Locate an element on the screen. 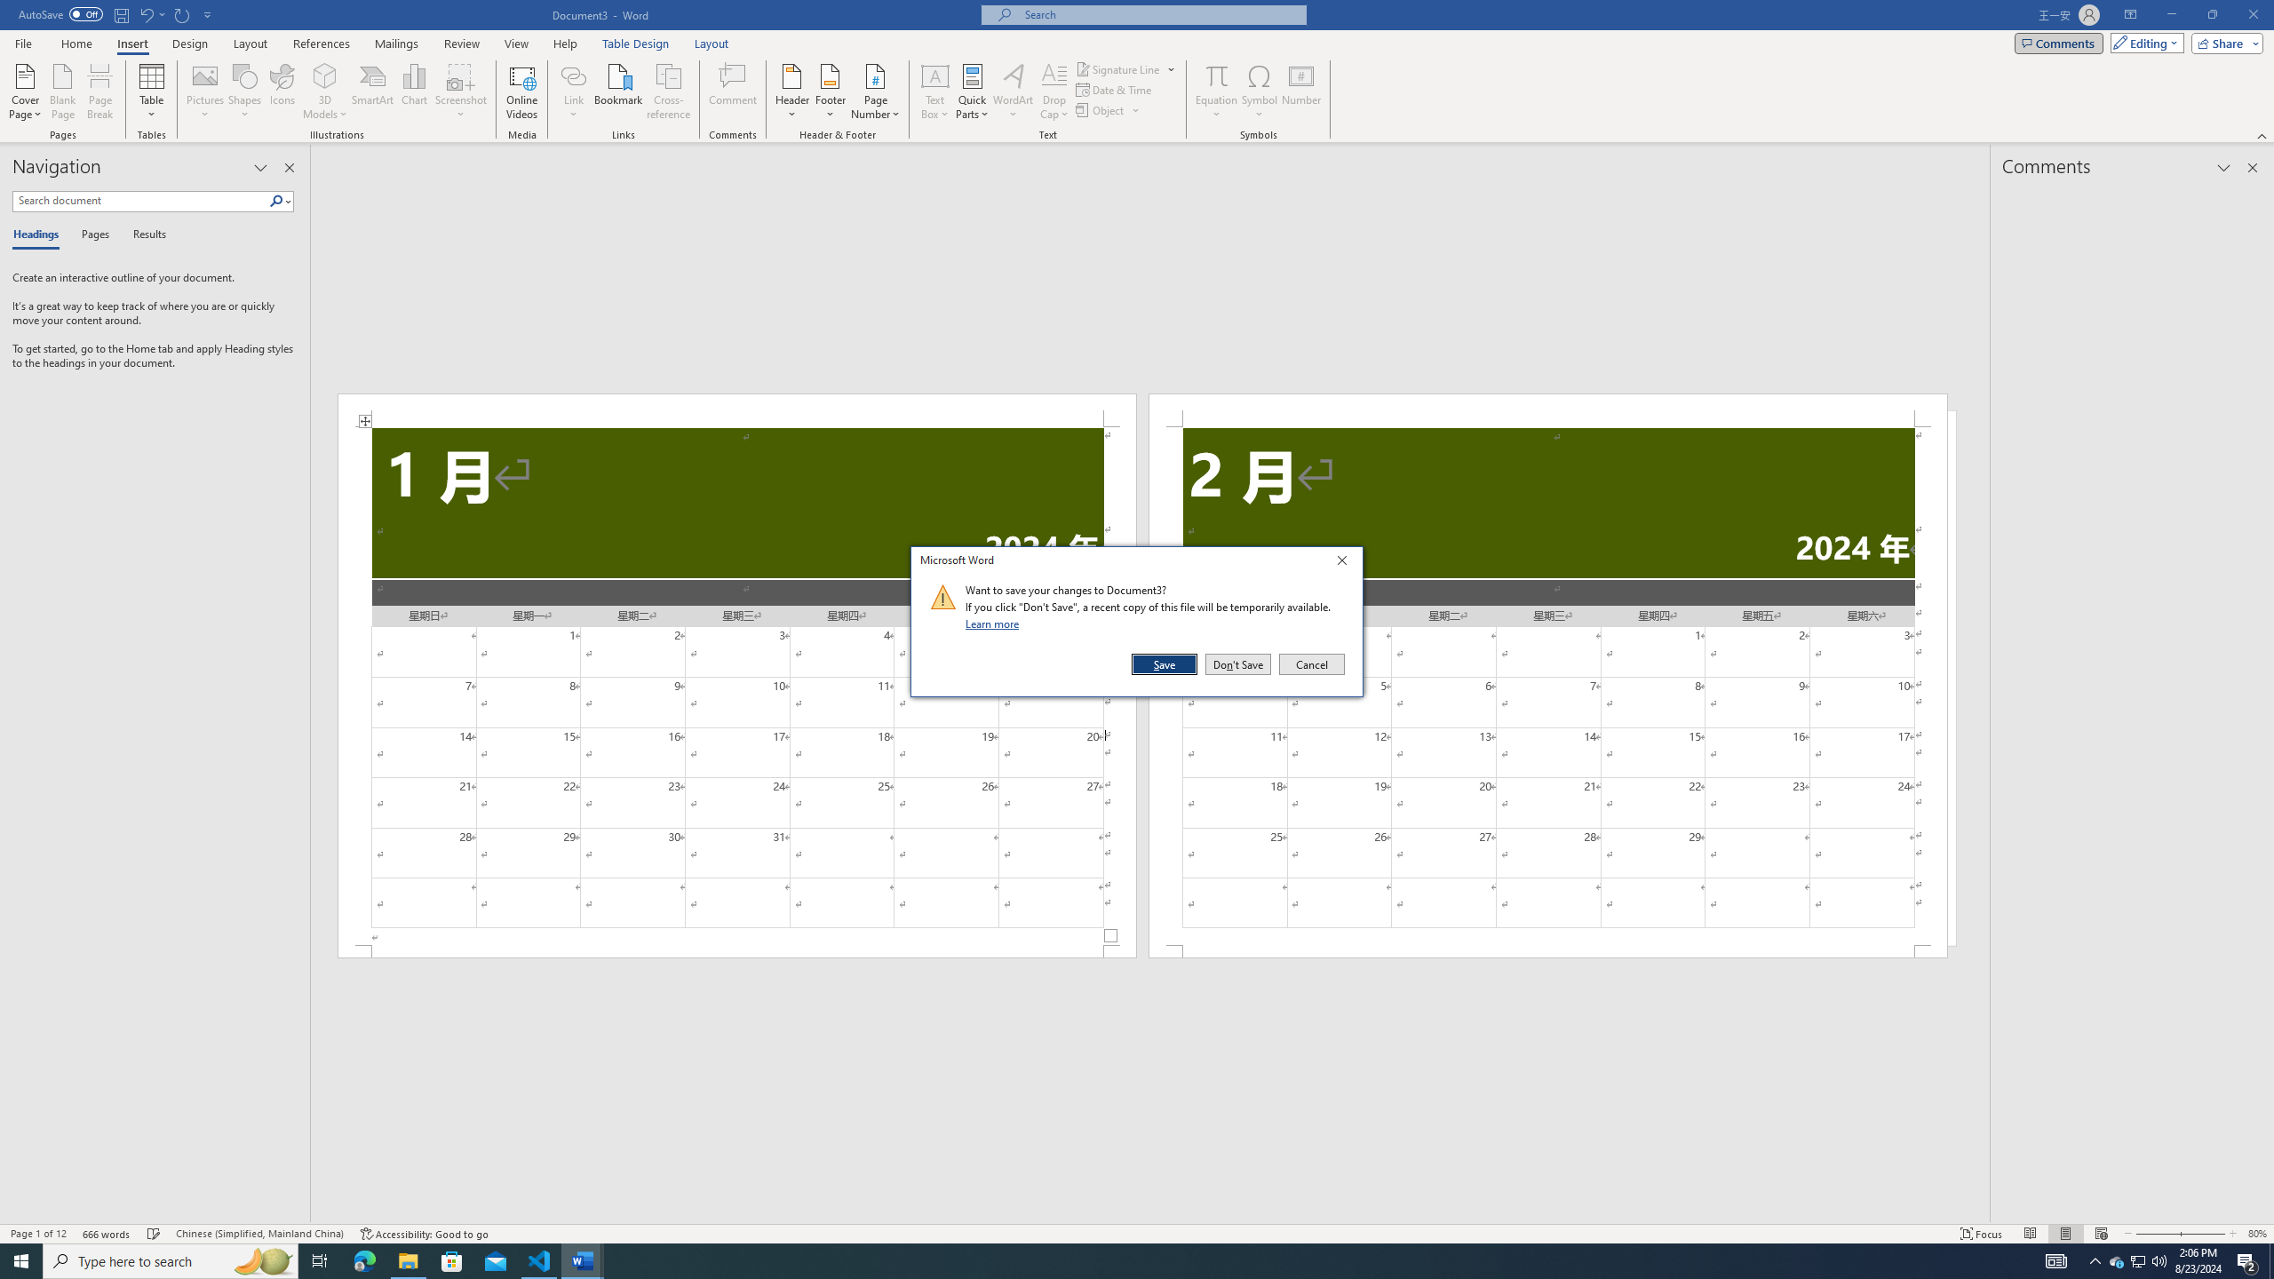  'Word Count 666 words' is located at coordinates (107, 1234).